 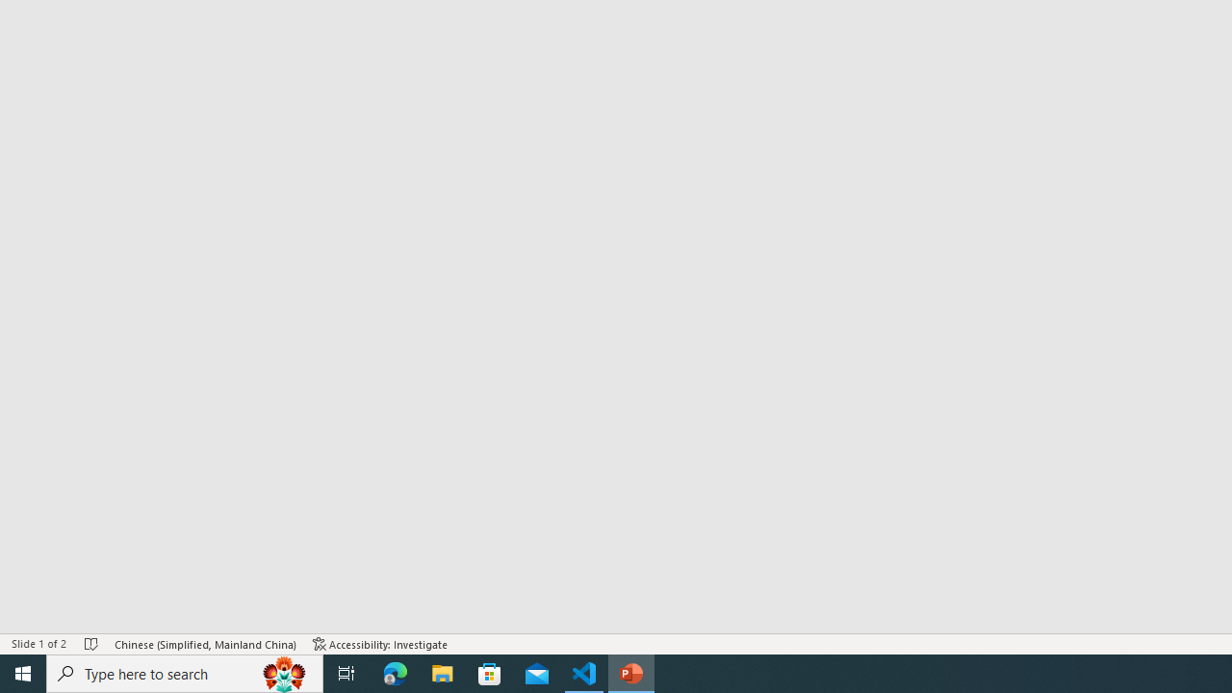 I want to click on 'Type here to search', so click(x=185, y=672).